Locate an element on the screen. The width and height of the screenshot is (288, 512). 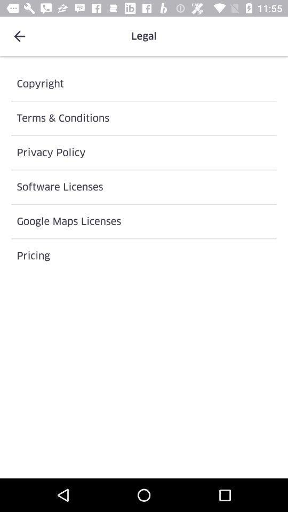
the software licenses icon is located at coordinates (144, 187).